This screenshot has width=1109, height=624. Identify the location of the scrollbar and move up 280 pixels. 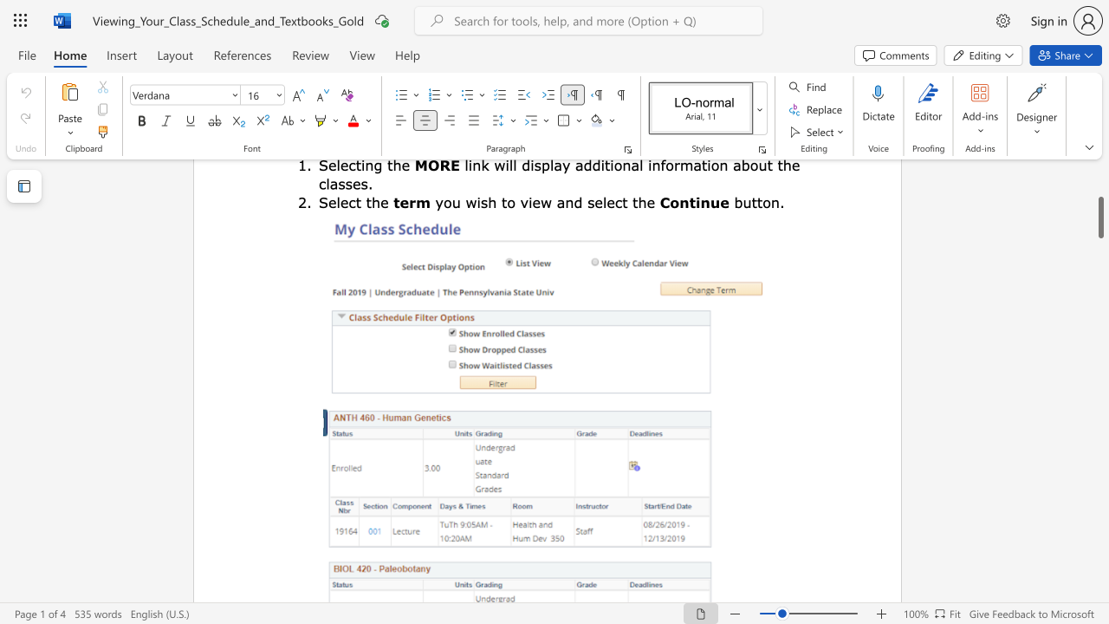
(1099, 217).